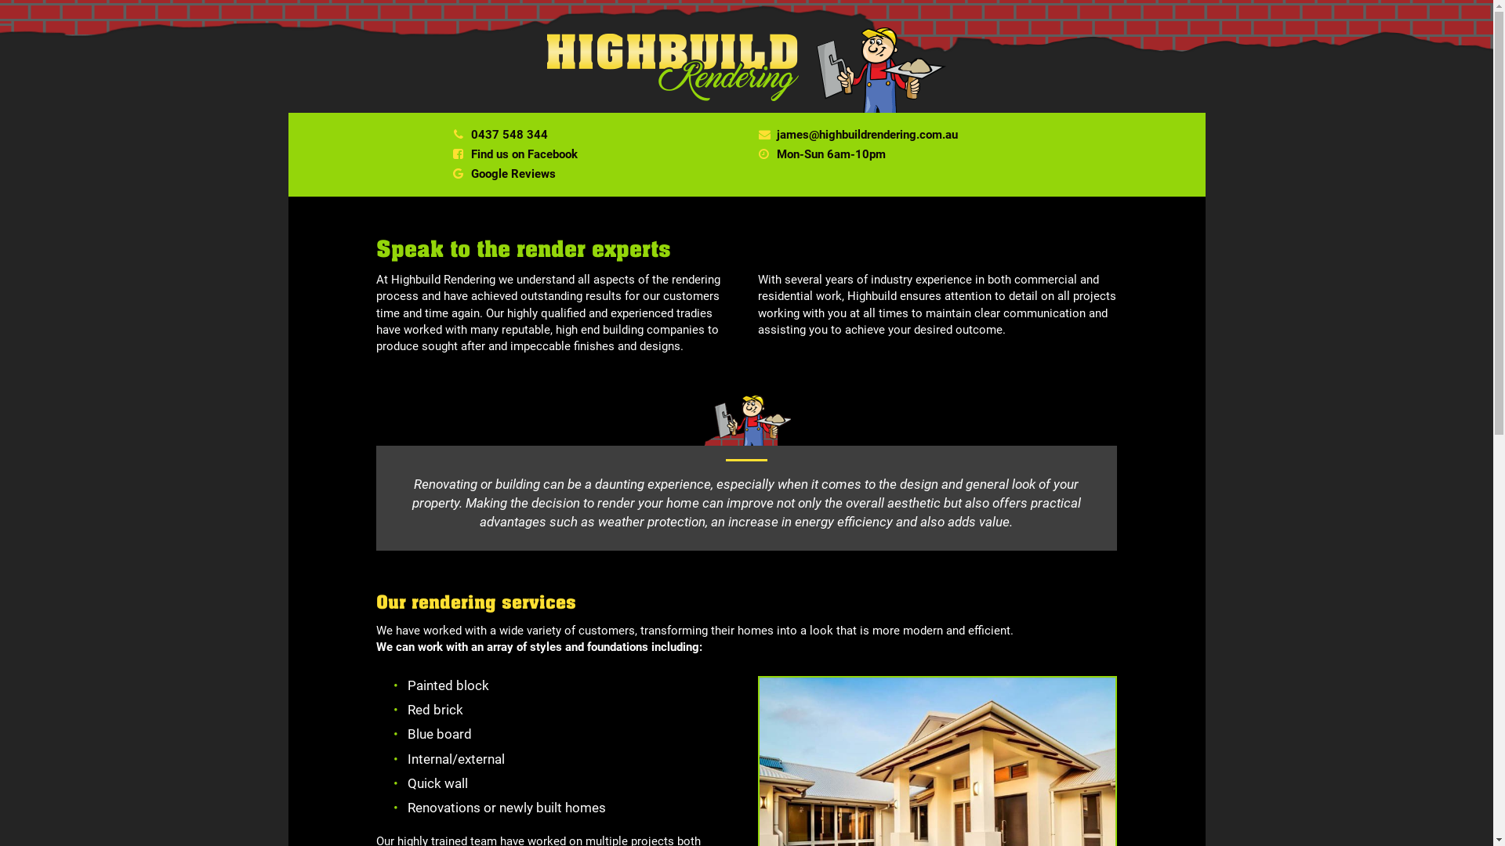  I want to click on 'james@highbuildrendering.com.au', so click(866, 134).